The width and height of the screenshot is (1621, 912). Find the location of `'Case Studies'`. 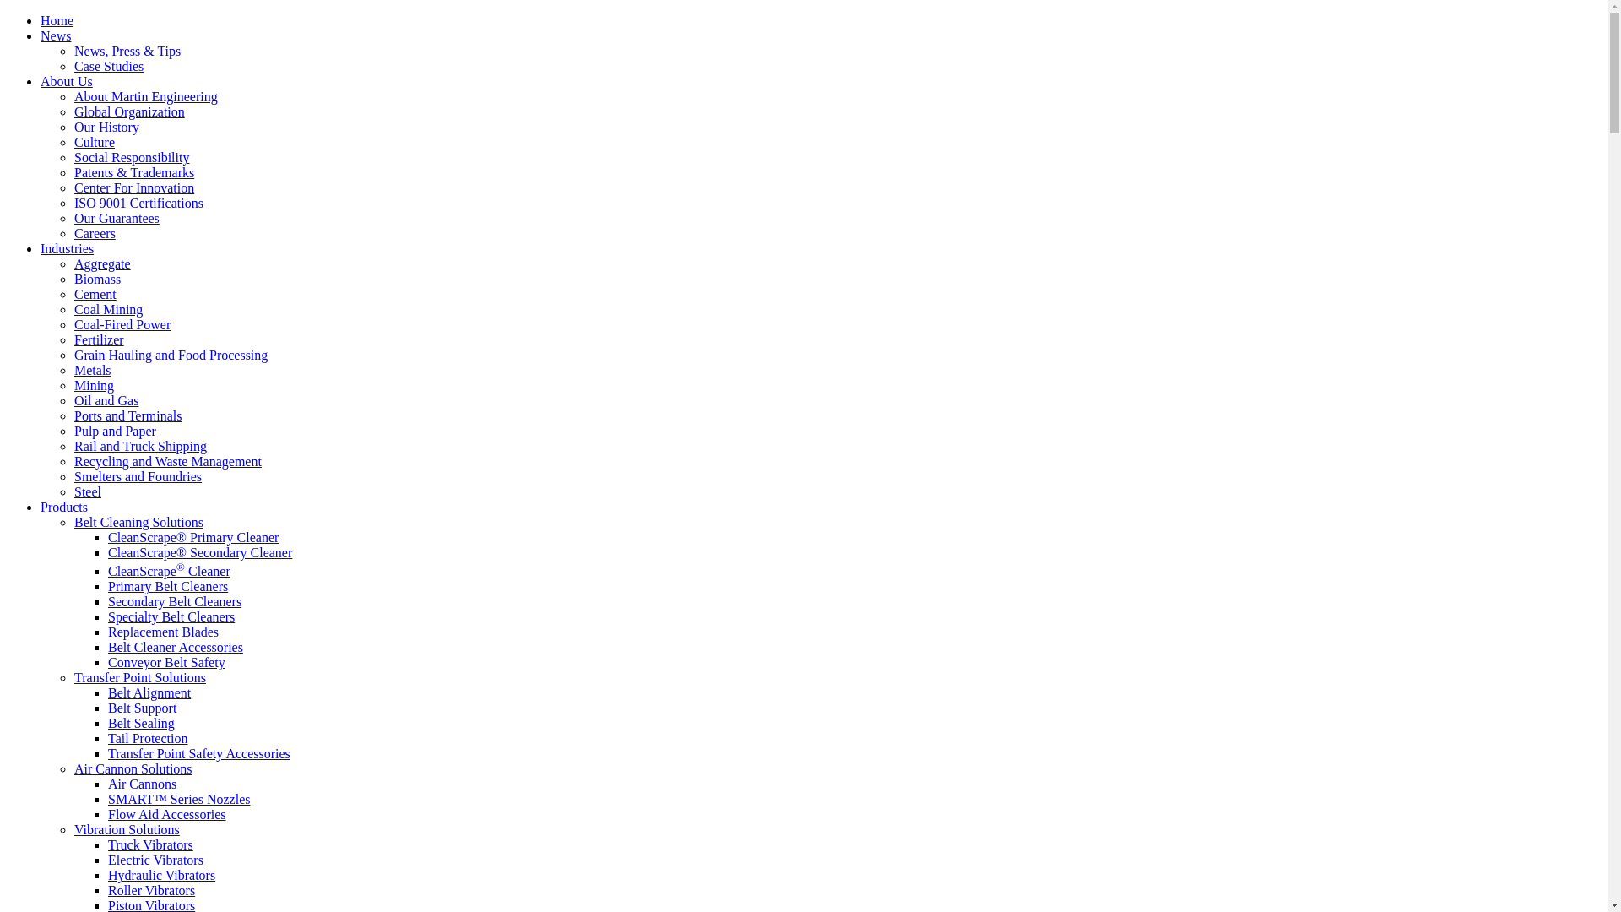

'Case Studies' is located at coordinates (108, 65).